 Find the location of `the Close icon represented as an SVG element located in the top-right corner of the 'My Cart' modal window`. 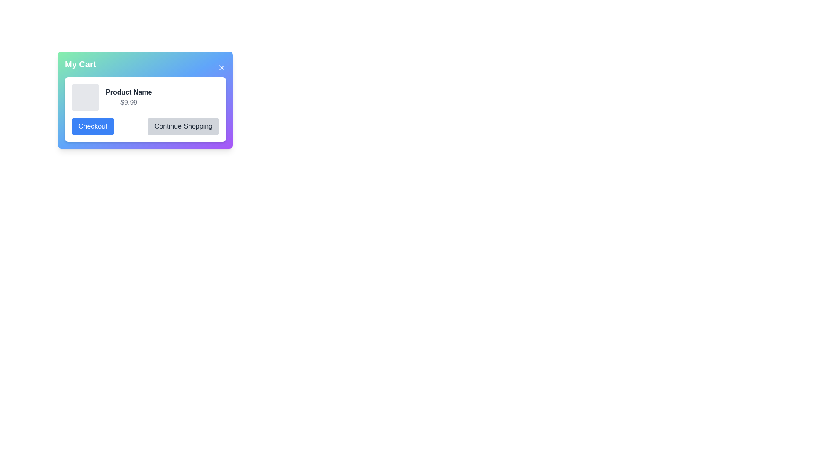

the Close icon represented as an SVG element located in the top-right corner of the 'My Cart' modal window is located at coordinates (221, 67).